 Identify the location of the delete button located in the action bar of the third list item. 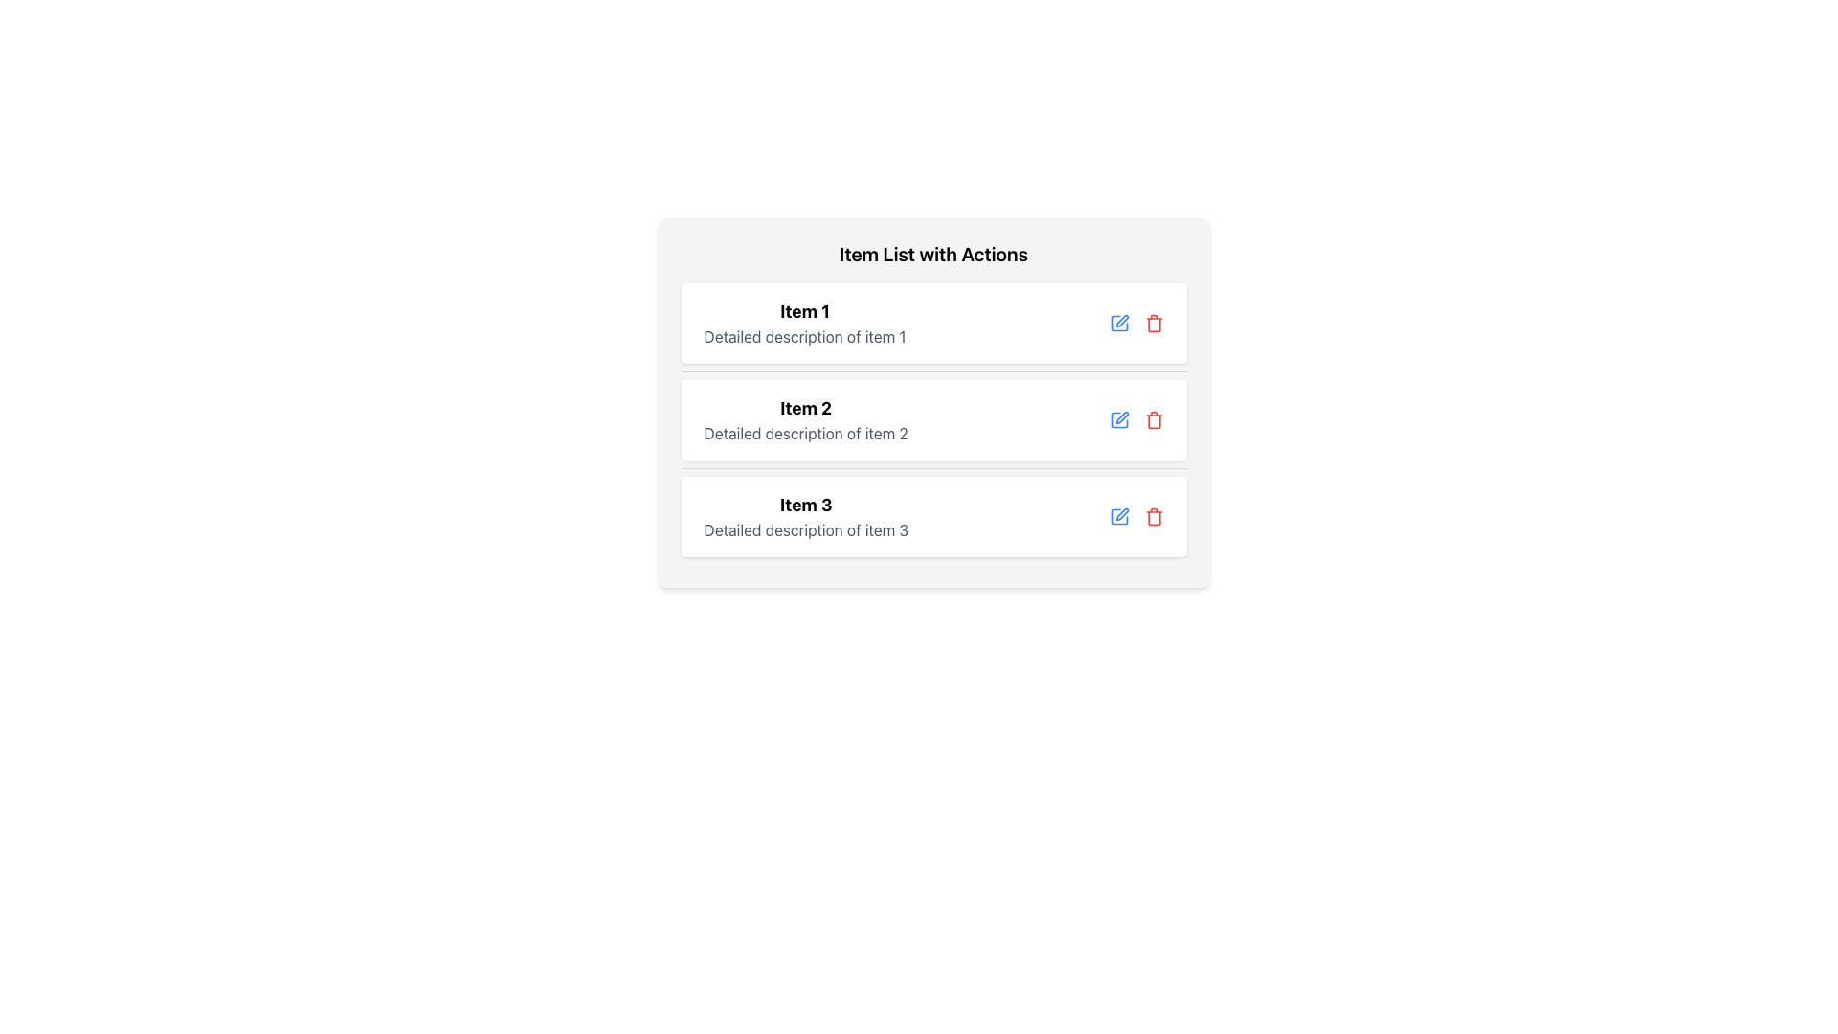
(1153, 517).